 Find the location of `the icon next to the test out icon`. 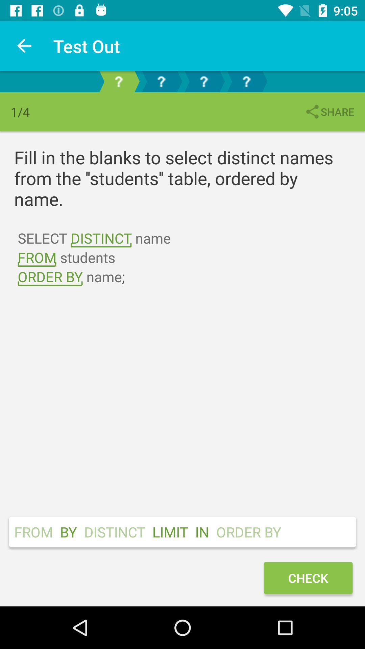

the icon next to the test out icon is located at coordinates (24, 46).